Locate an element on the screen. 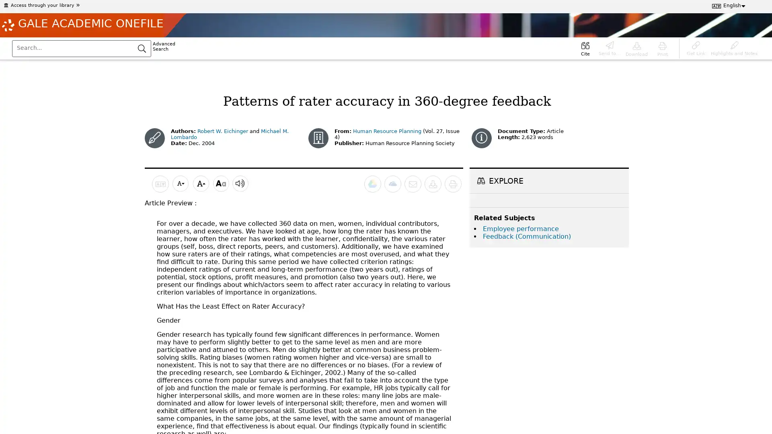  Download is located at coordinates (636, 48).